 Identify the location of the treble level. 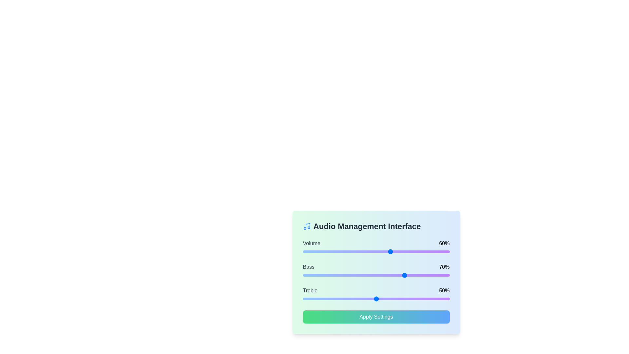
(360, 299).